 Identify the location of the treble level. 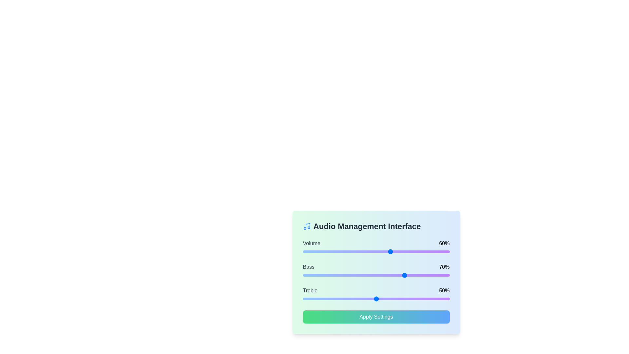
(360, 299).